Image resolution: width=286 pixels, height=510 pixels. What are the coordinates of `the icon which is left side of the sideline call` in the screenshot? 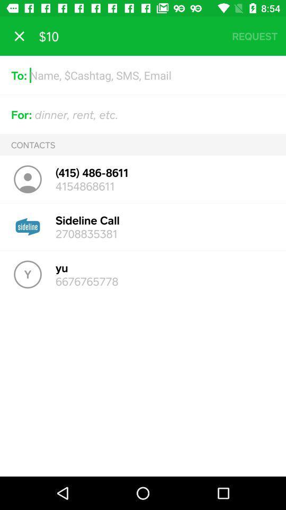 It's located at (28, 227).